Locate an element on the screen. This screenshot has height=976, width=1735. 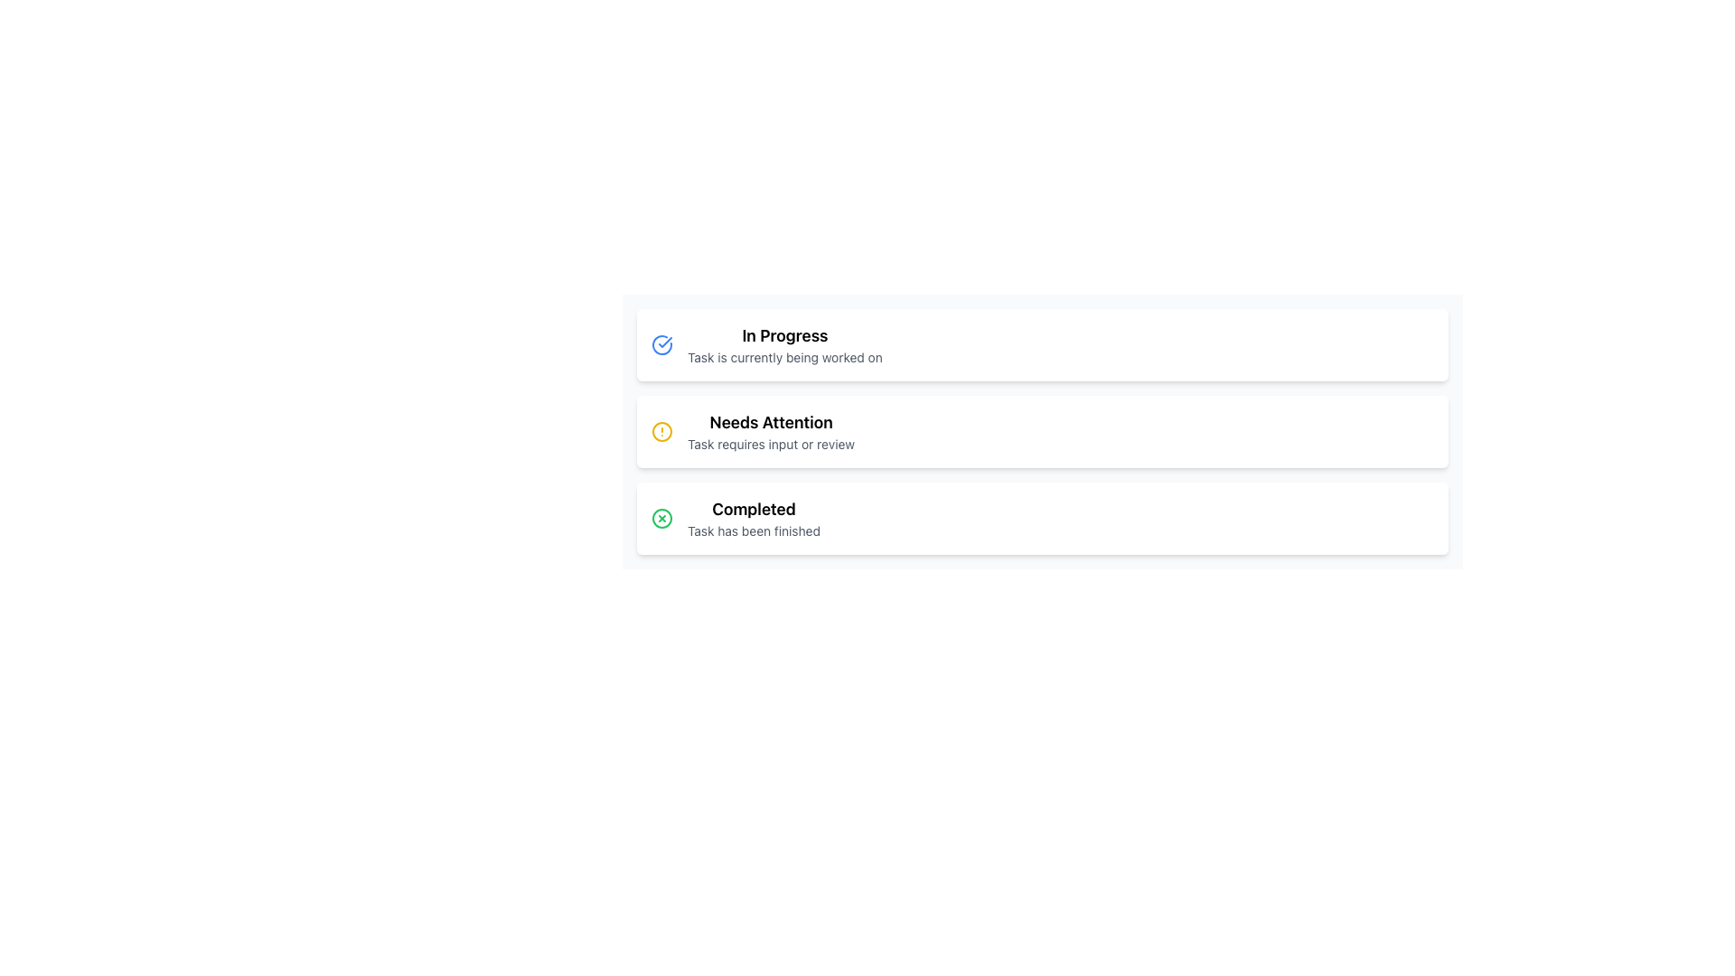
the Text label indicating the status of the task labeled 'Needs Attention', which is located within the second item of a vertical list is located at coordinates (771, 422).